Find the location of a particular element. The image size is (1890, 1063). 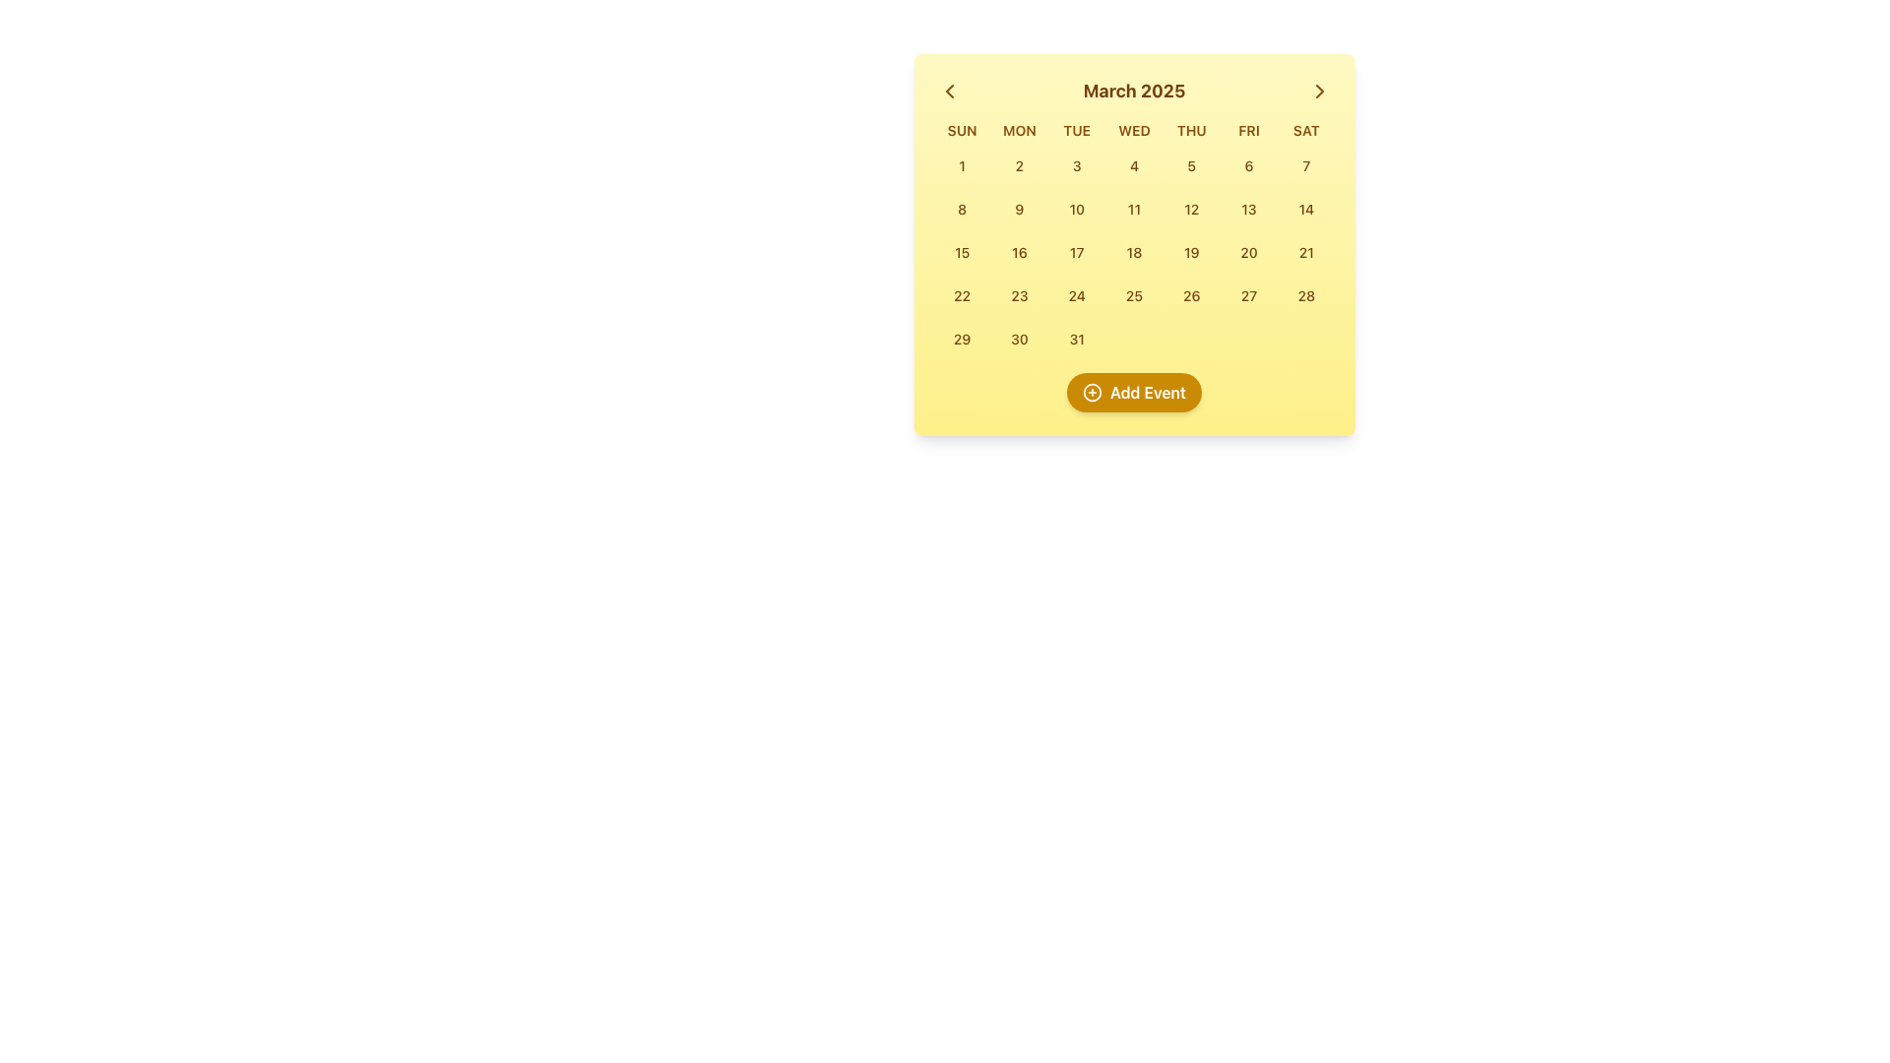

the calendar day cell containing the number '9' is located at coordinates (1019, 209).